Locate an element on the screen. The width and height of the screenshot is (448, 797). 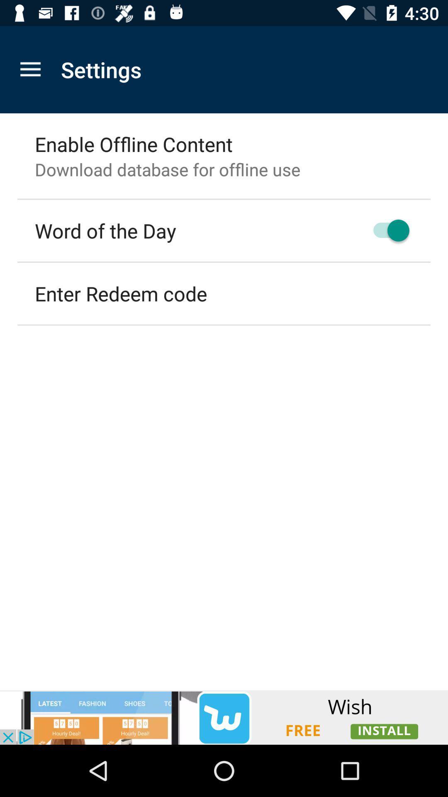
advertisement is located at coordinates (224, 717).